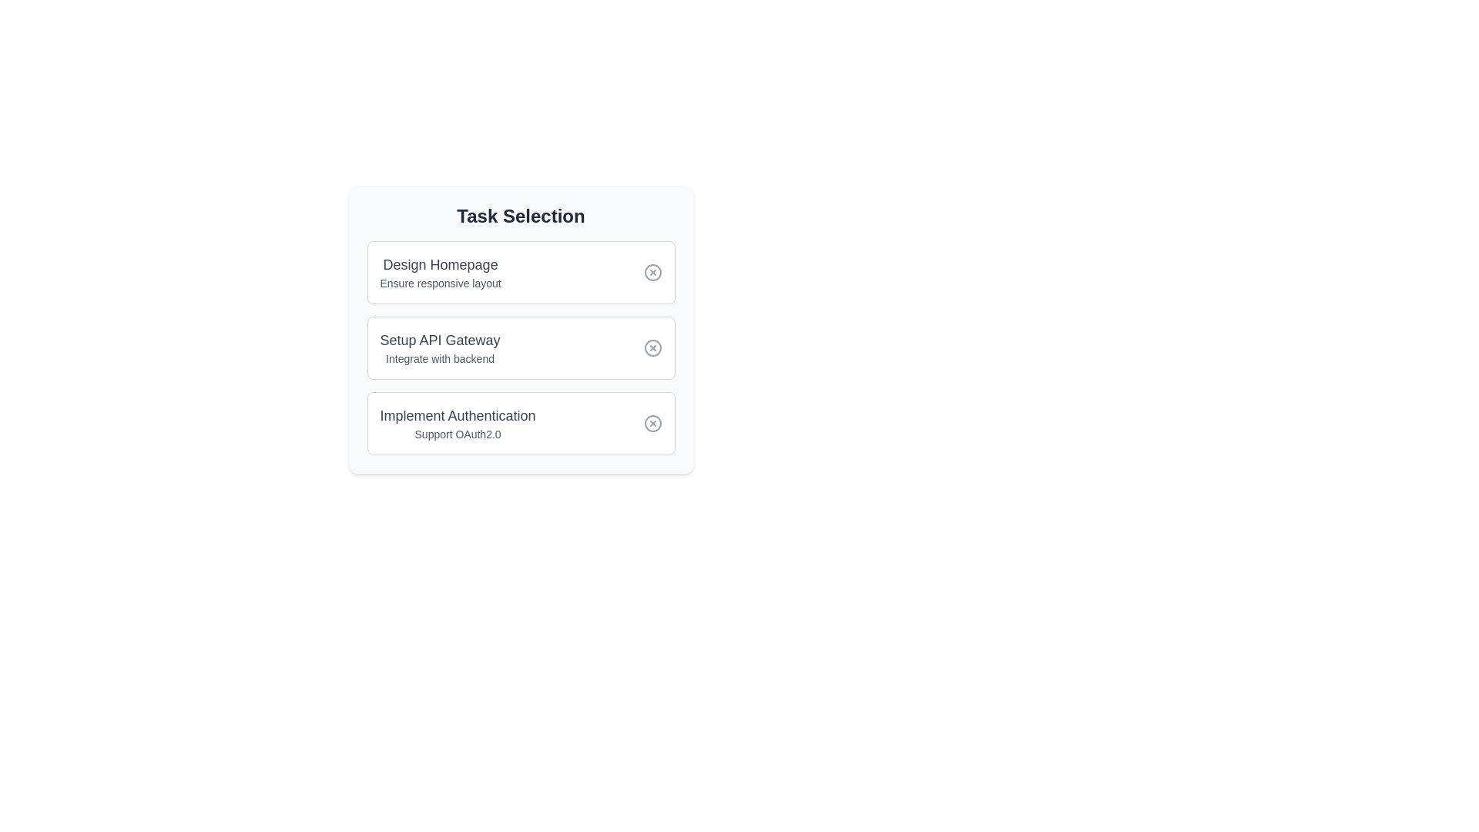  Describe the element at coordinates (439, 347) in the screenshot. I see `the 'Setup API Gateway' text element, which is the second item in a list` at that location.